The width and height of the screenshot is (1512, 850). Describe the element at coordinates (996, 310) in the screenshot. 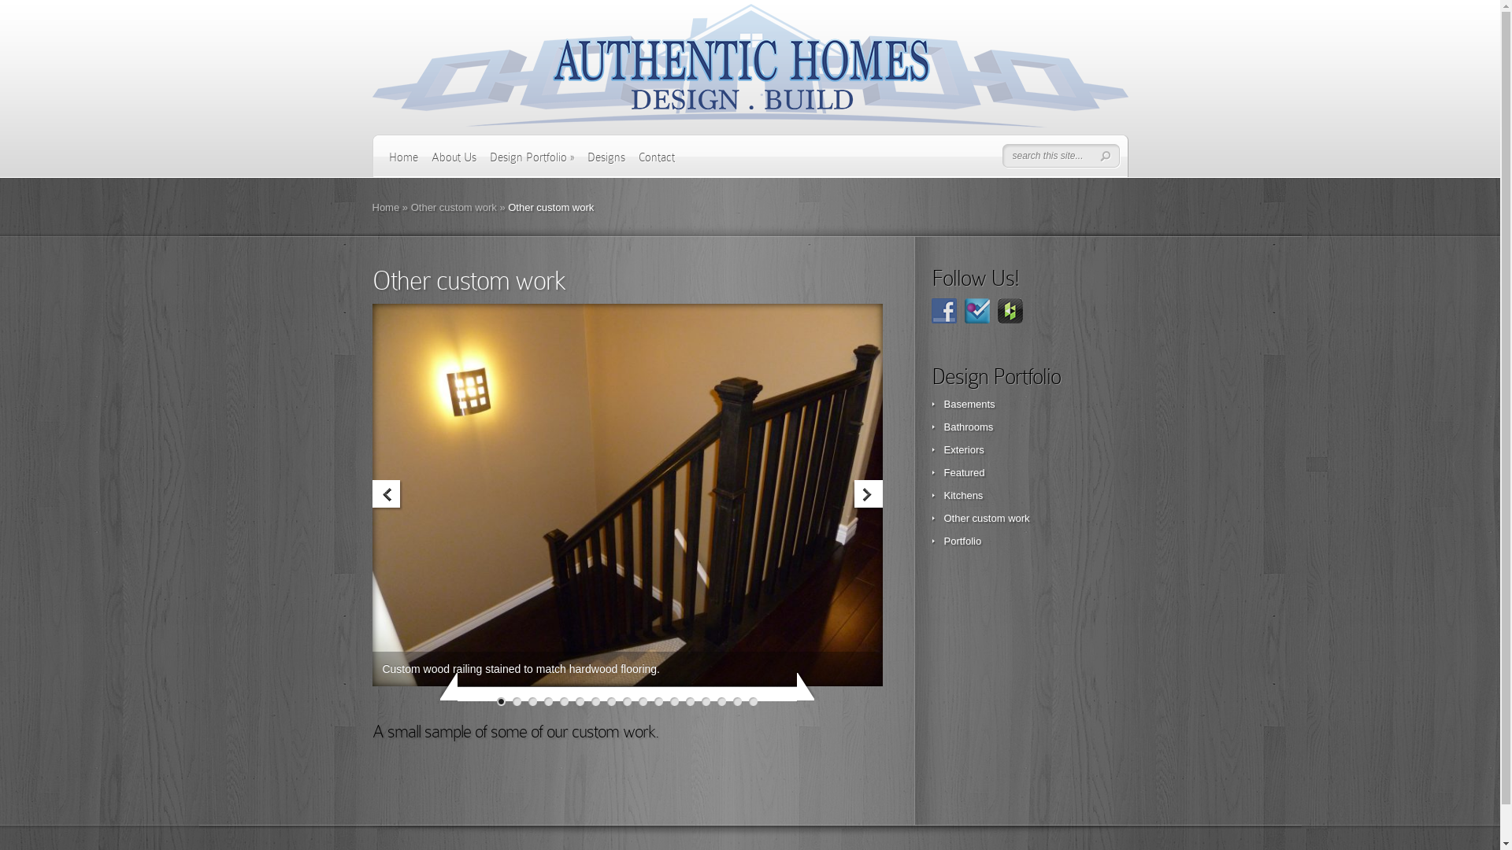

I see `'Follow Us on Houzz'` at that location.